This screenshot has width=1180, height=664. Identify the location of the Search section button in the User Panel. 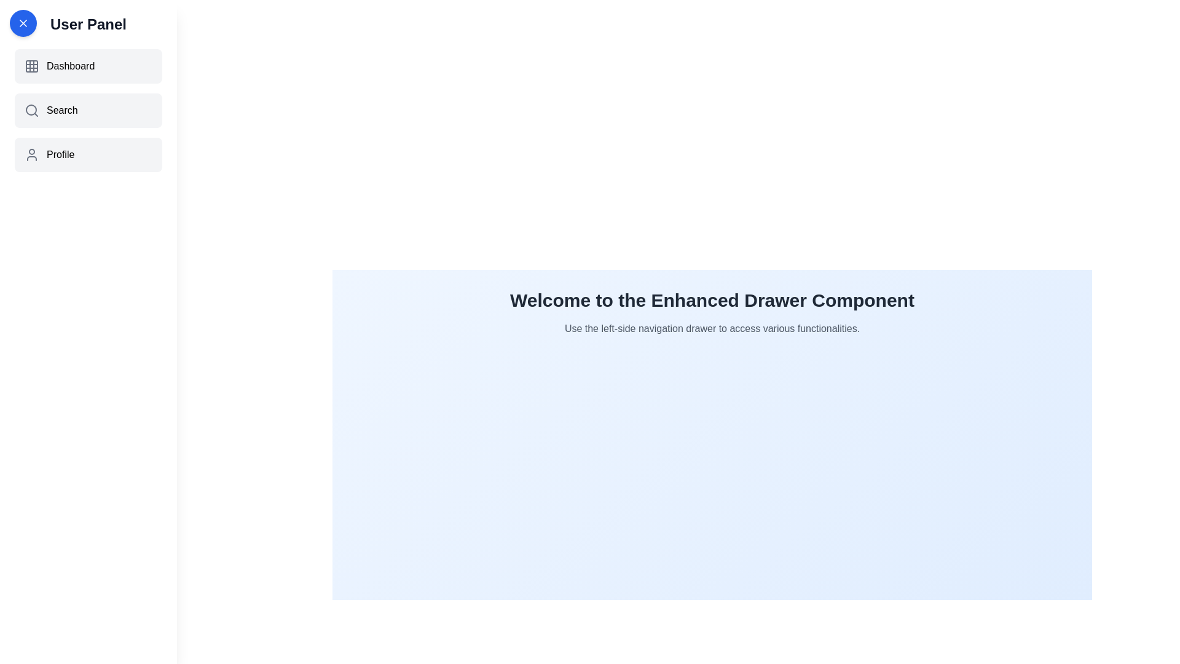
(88, 111).